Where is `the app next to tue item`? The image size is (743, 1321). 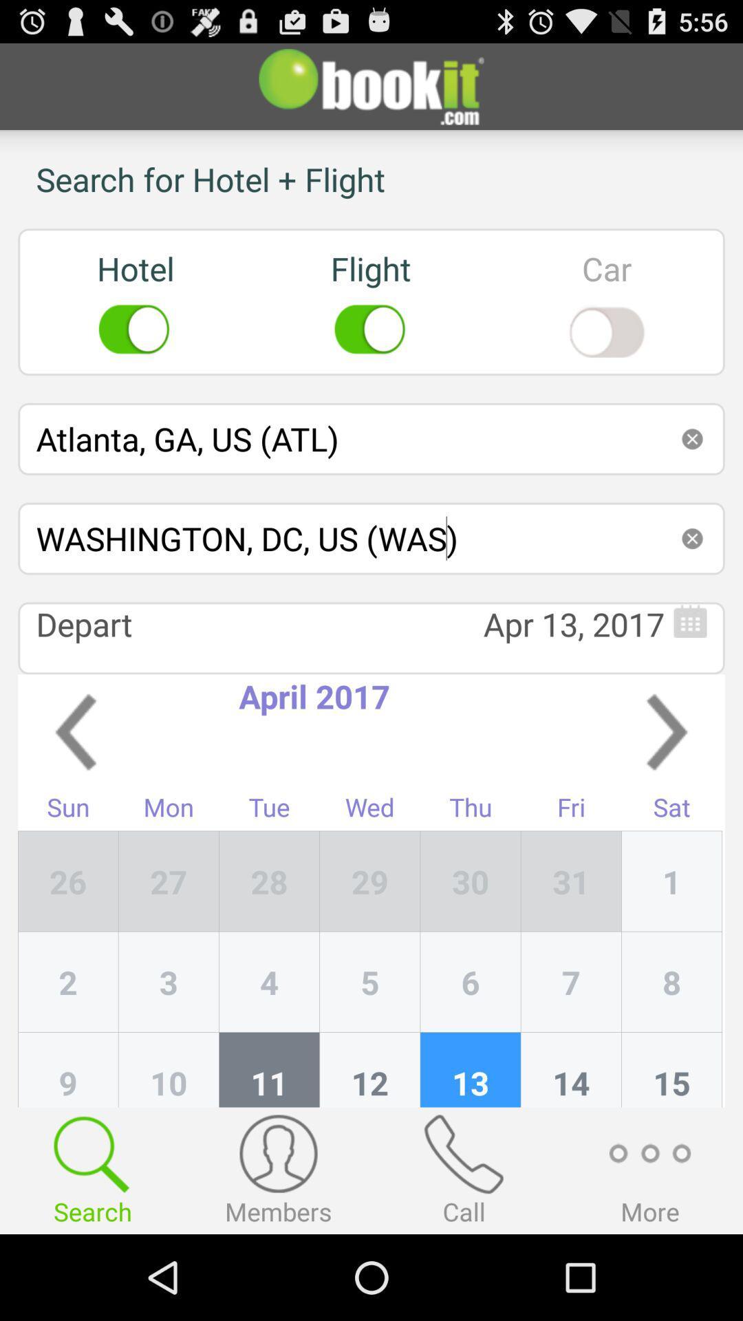 the app next to tue item is located at coordinates (369, 881).